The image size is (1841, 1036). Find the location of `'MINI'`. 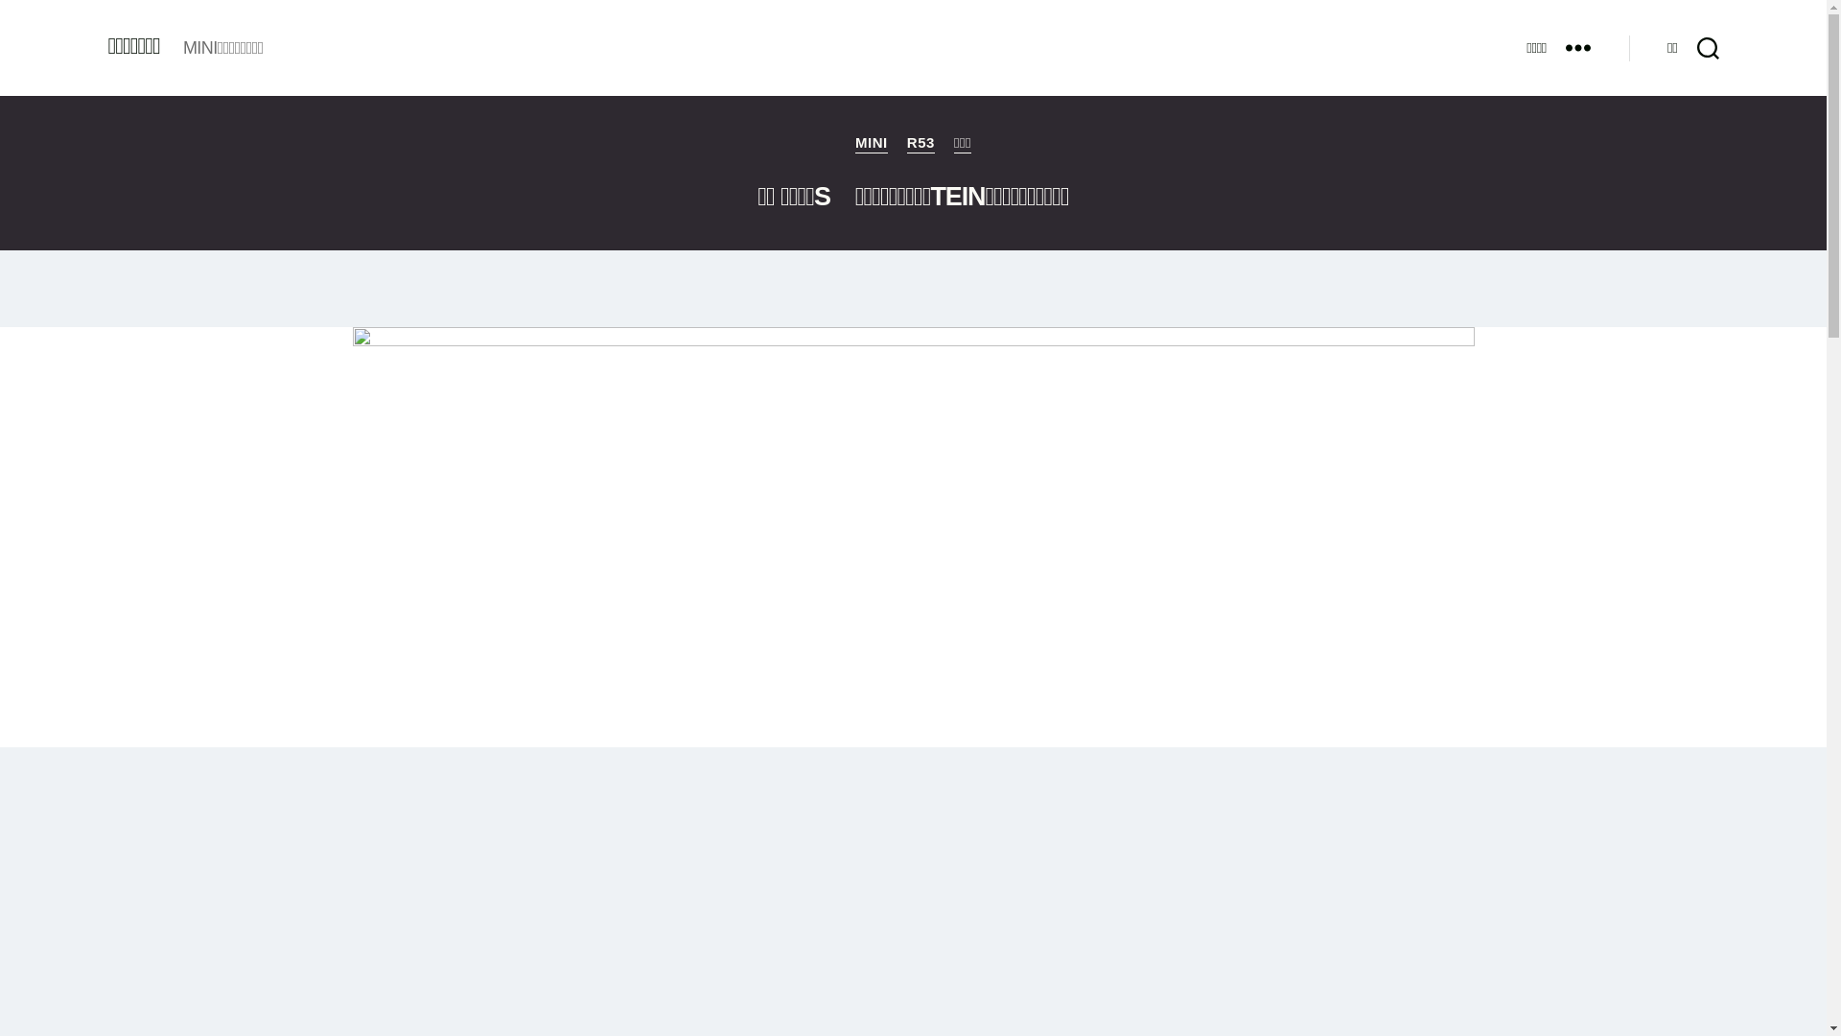

'MINI' is located at coordinates (870, 143).